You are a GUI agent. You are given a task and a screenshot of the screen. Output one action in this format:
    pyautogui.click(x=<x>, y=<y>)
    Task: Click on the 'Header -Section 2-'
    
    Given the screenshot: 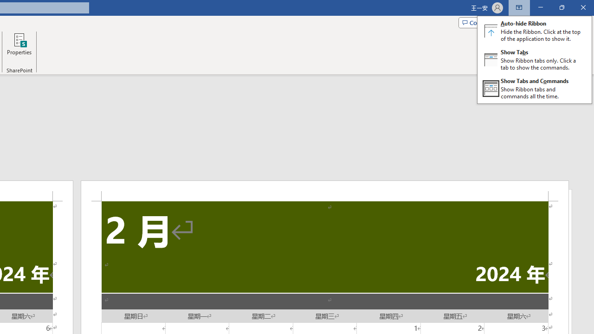 What is the action you would take?
    pyautogui.click(x=325, y=190)
    